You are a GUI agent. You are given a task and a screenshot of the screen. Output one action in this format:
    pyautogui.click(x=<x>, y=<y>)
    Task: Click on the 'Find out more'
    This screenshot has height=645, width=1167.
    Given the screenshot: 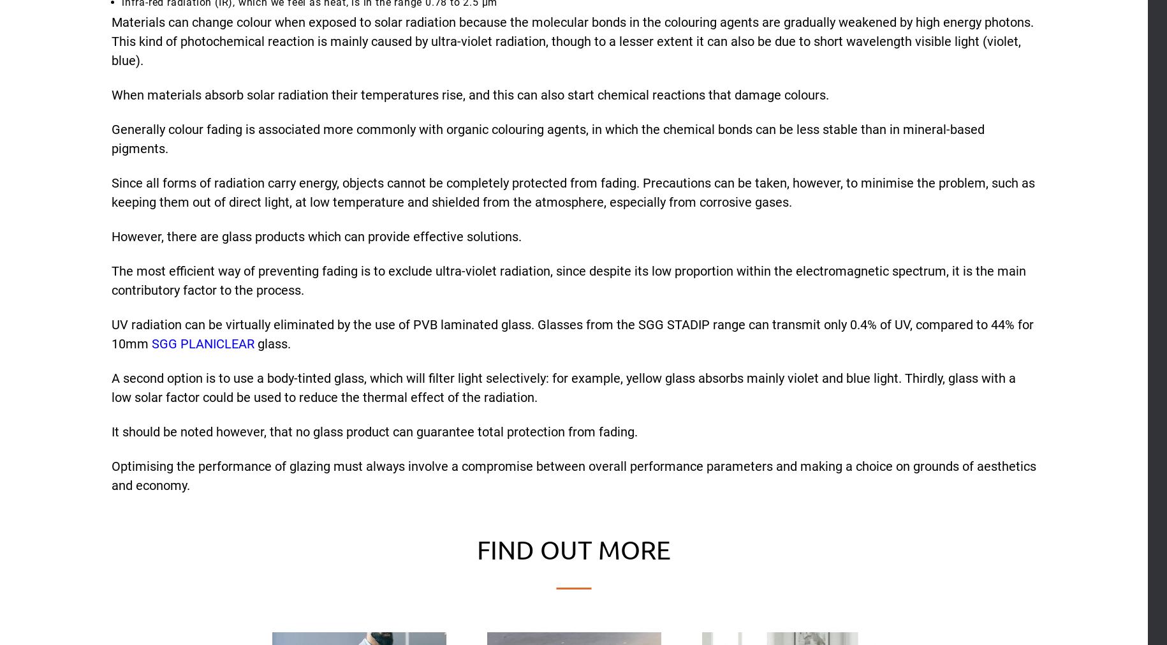 What is the action you would take?
    pyautogui.click(x=573, y=549)
    